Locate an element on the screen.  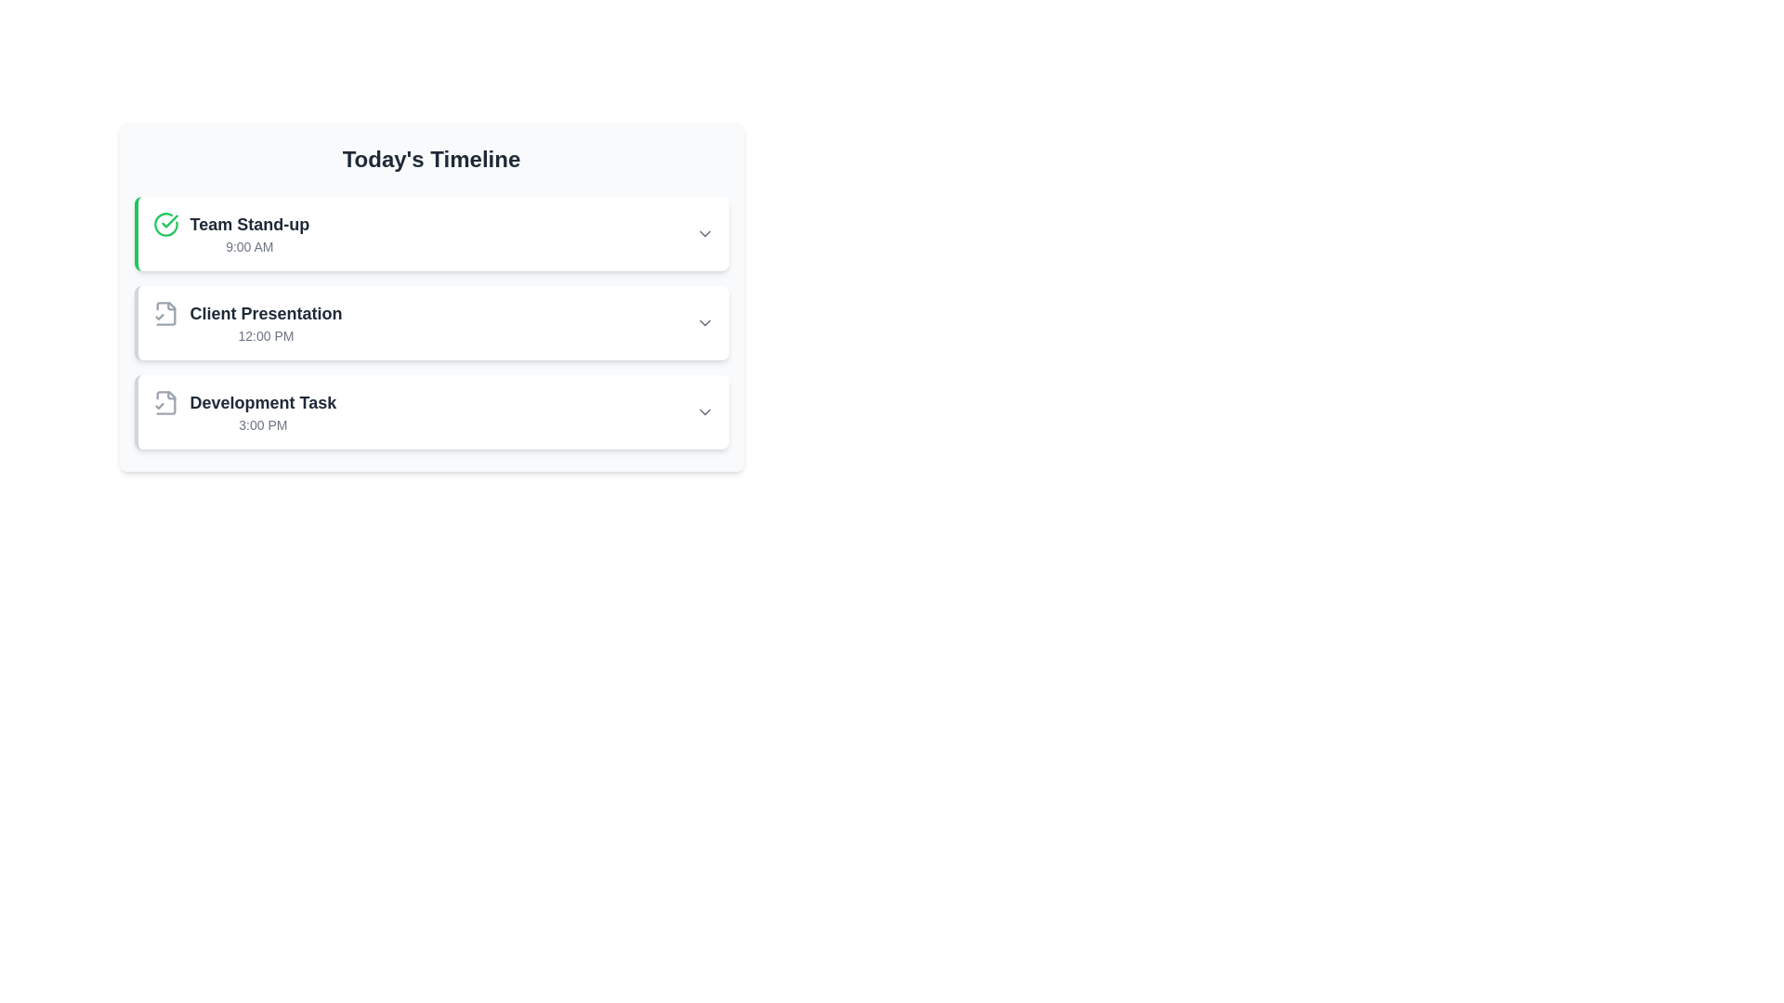
the text block displaying the title 'Team Stand-up' and time '9:00 AM', located in the top-left section of 'Today's Timeline' is located at coordinates (248, 232).